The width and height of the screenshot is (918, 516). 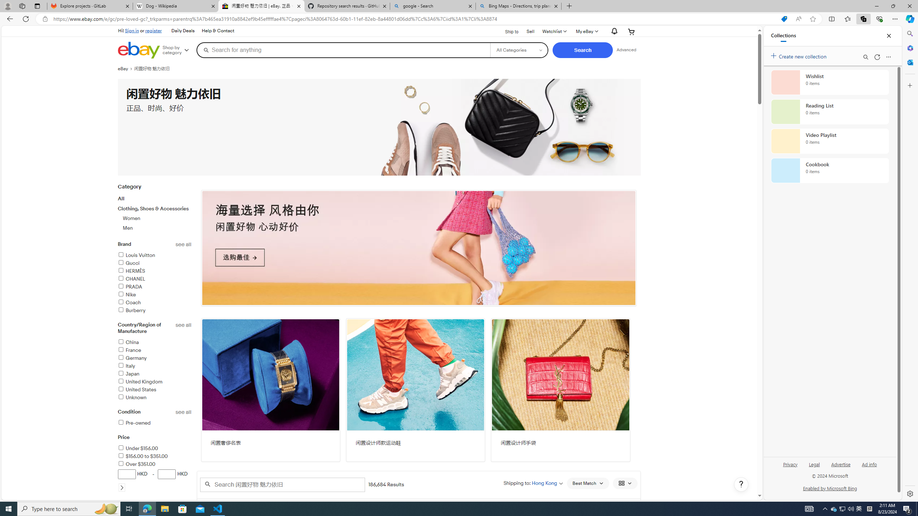 I want to click on 'United Kingdom', so click(x=155, y=382).